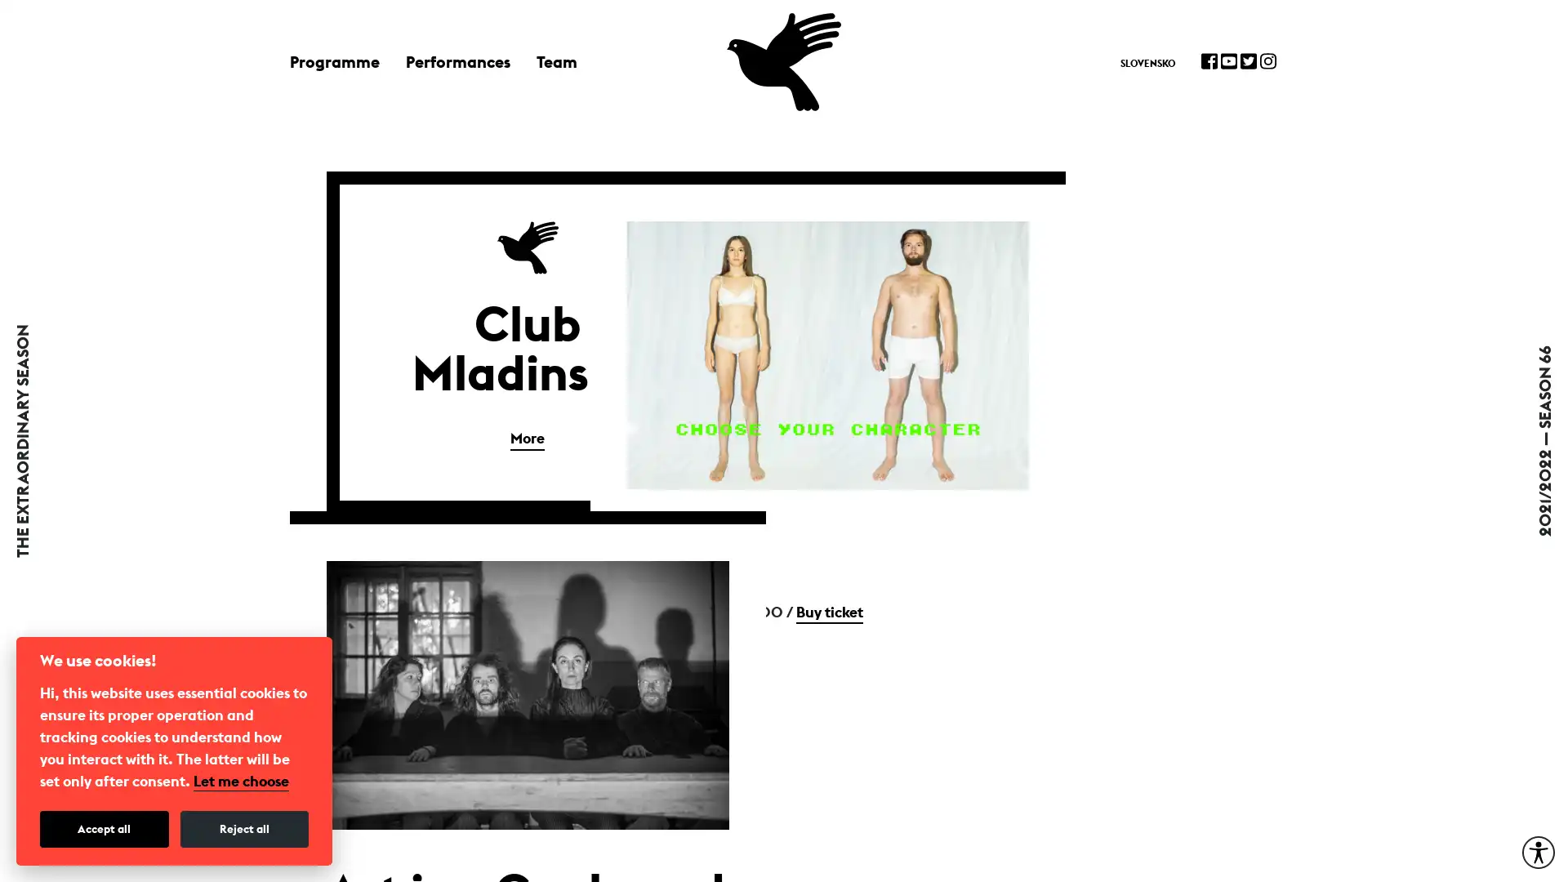  What do you see at coordinates (102, 828) in the screenshot?
I see `Accept all` at bounding box center [102, 828].